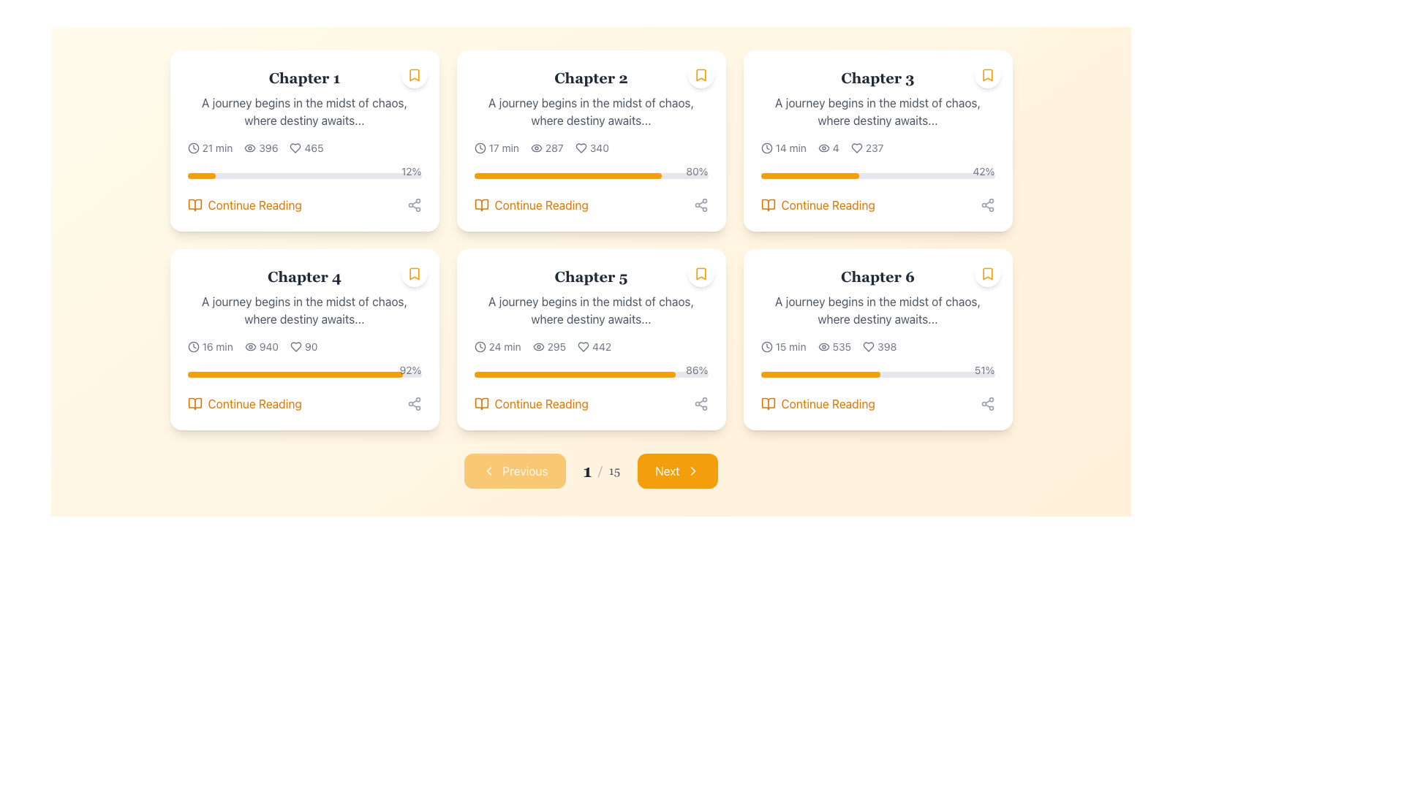 The width and height of the screenshot is (1404, 789). Describe the element at coordinates (767, 403) in the screenshot. I see `the decorative book graphic in the right-top corner of the interface, aligned with the bookmark icon in the card labeled 'Chapter 6'` at that location.